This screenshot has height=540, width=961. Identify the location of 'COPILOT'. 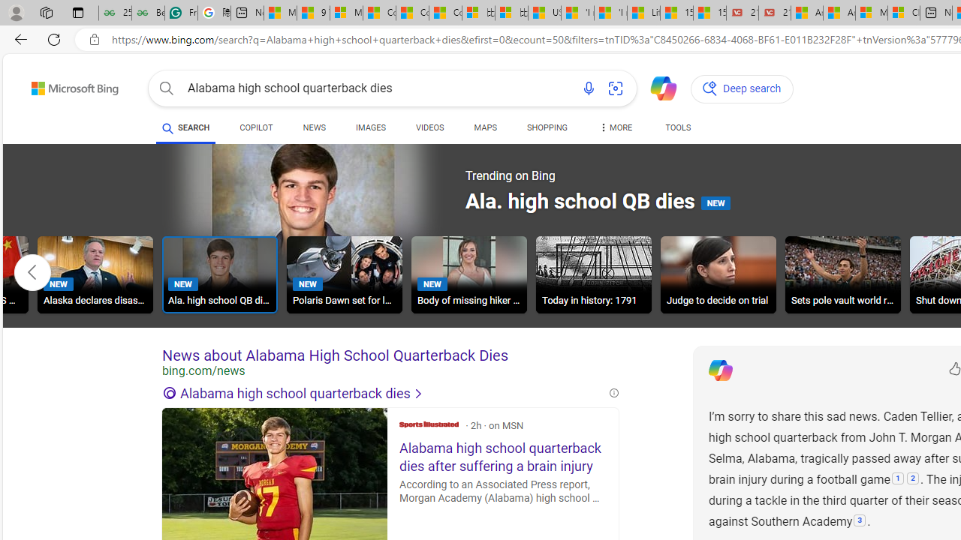
(256, 129).